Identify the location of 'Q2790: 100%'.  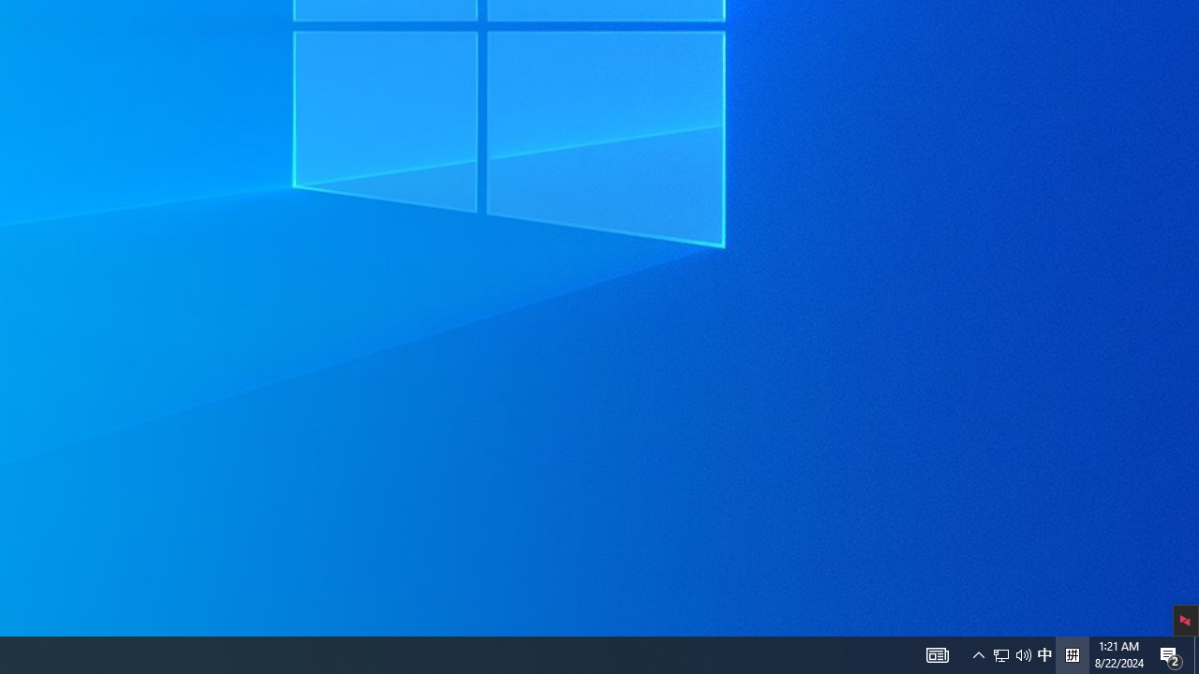
(1023, 653).